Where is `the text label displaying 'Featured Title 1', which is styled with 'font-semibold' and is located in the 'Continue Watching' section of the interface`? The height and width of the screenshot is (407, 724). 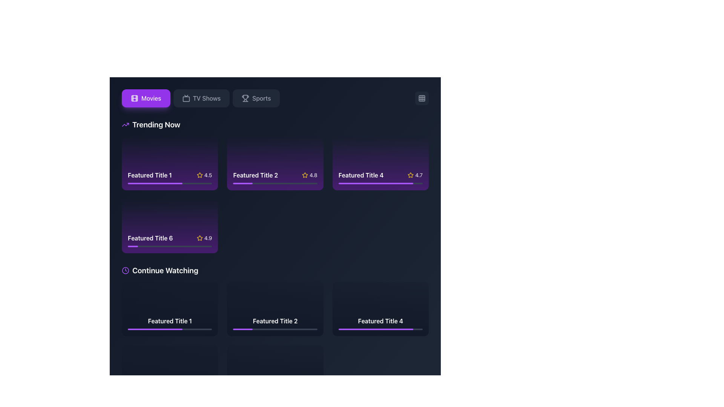 the text label displaying 'Featured Title 1', which is styled with 'font-semibold' and is located in the 'Continue Watching' section of the interface is located at coordinates (169, 321).